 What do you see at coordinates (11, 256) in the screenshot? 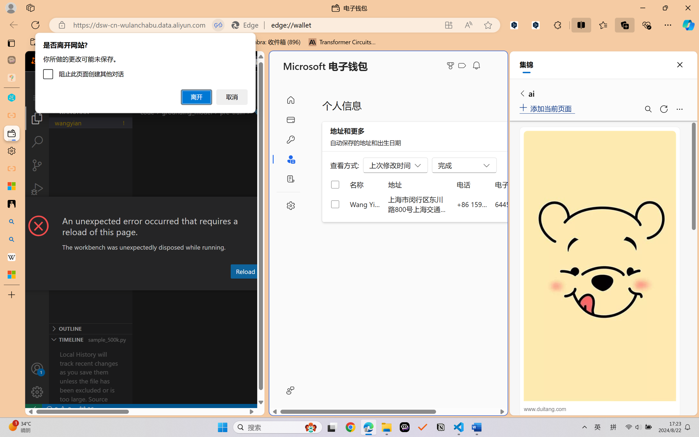
I see `'Earth - Wikipedia'` at bounding box center [11, 256].